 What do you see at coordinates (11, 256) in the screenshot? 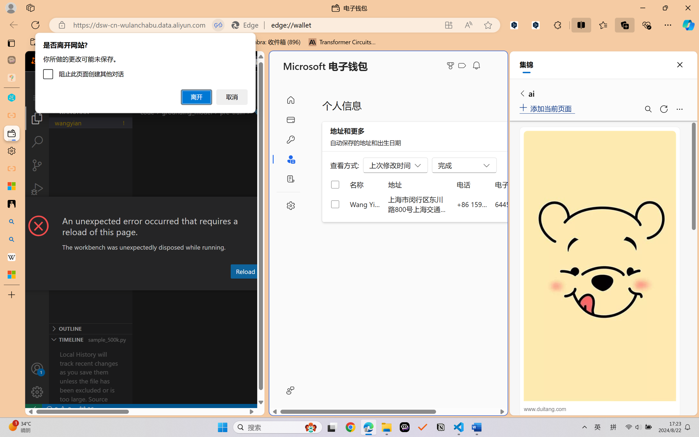
I see `'Earth - Wikipedia'` at bounding box center [11, 256].